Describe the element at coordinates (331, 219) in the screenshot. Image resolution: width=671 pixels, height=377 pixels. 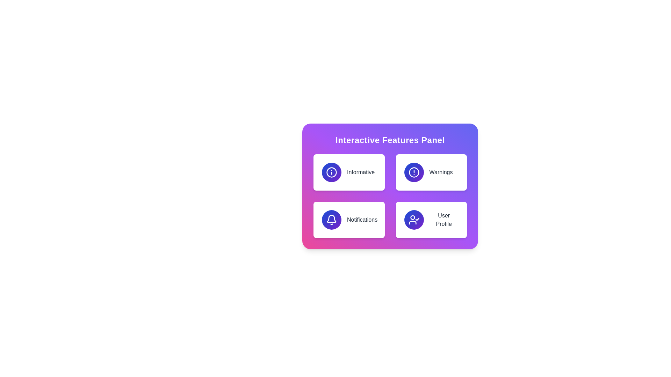
I see `the circular icon with a gradient background and a white bell symbol within the 'Interactive Features Panel'` at that location.